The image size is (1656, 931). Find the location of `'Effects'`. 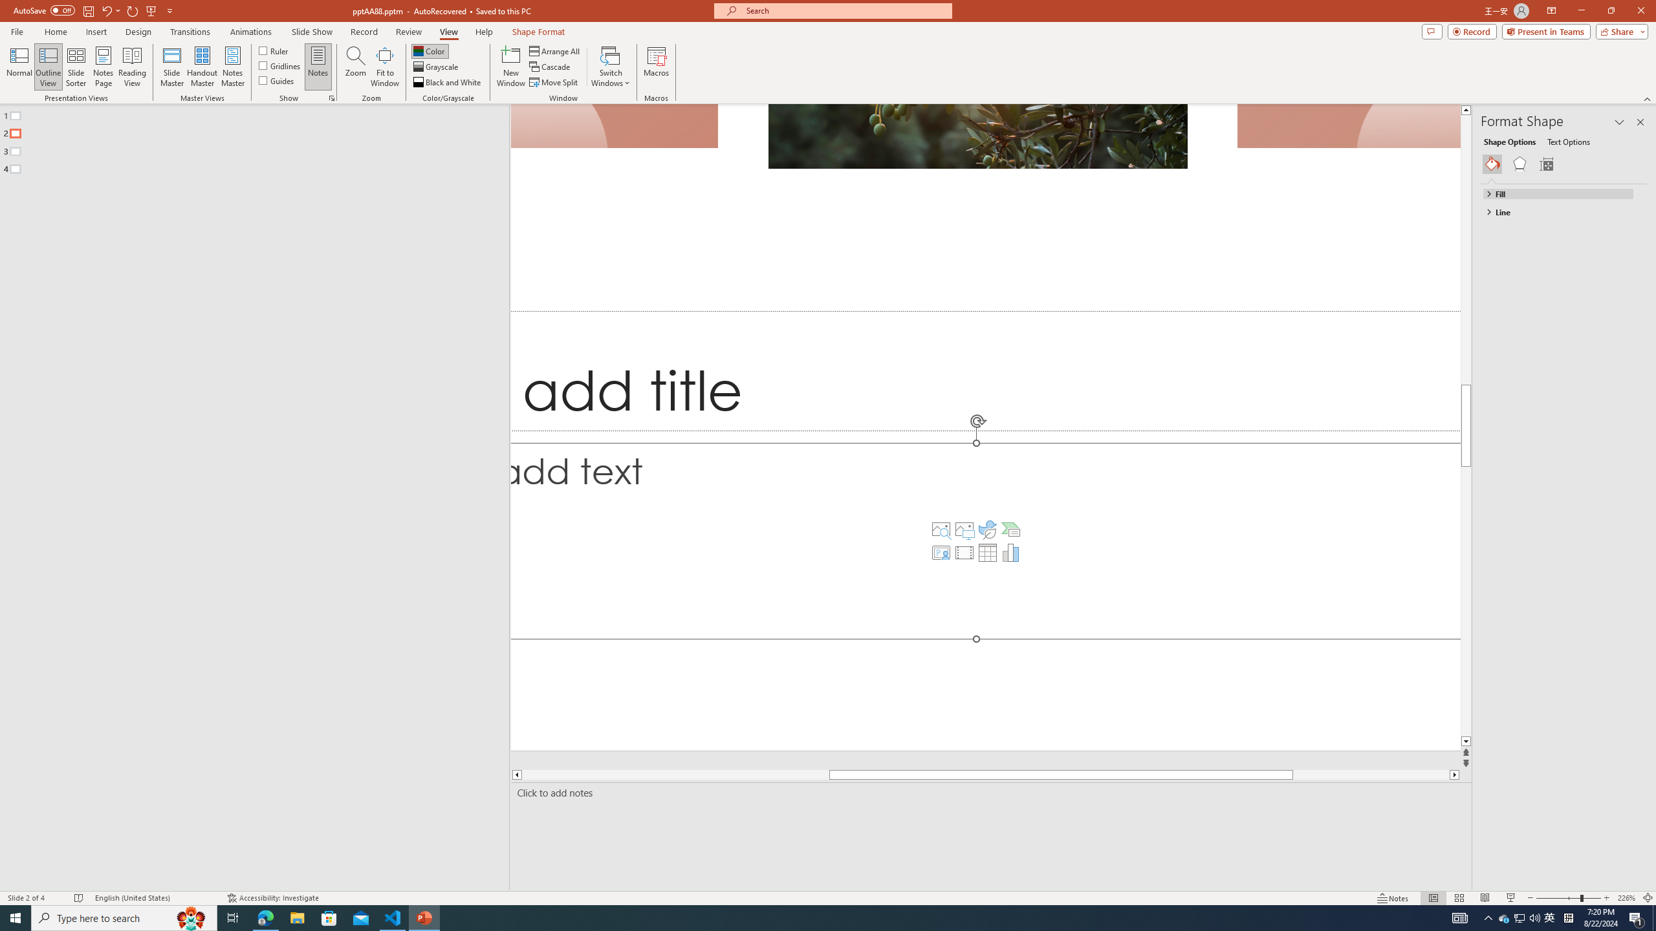

'Effects' is located at coordinates (1519, 164).